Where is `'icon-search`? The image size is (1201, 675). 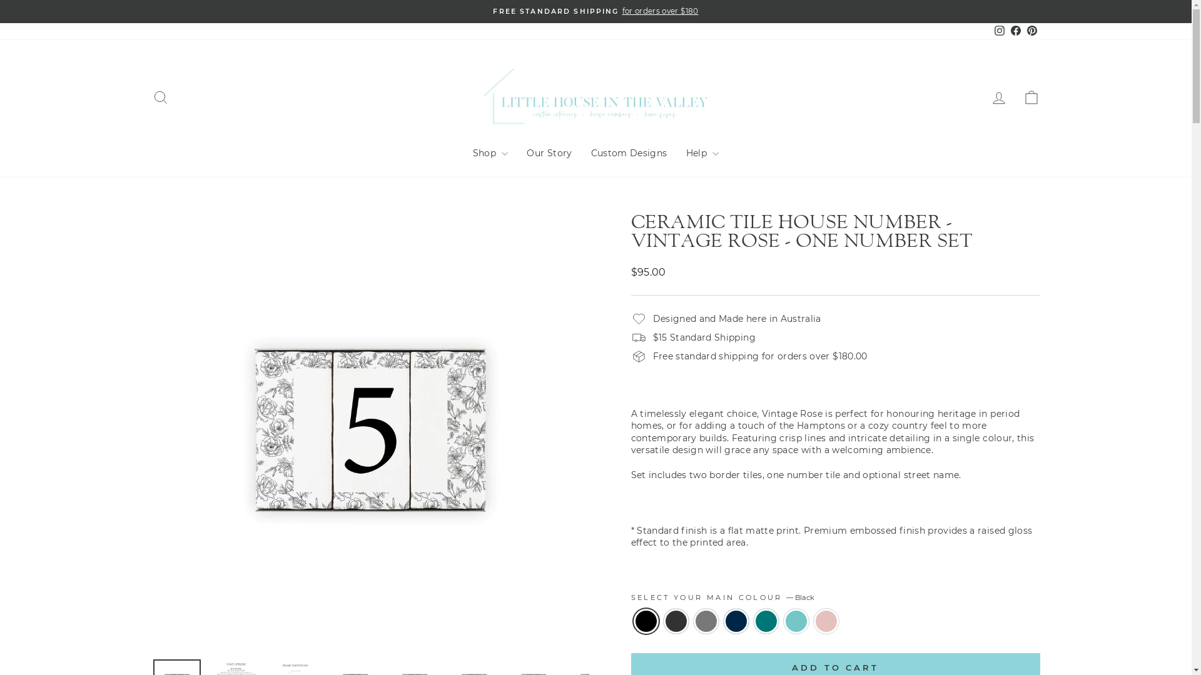
'icon-search is located at coordinates (159, 97).